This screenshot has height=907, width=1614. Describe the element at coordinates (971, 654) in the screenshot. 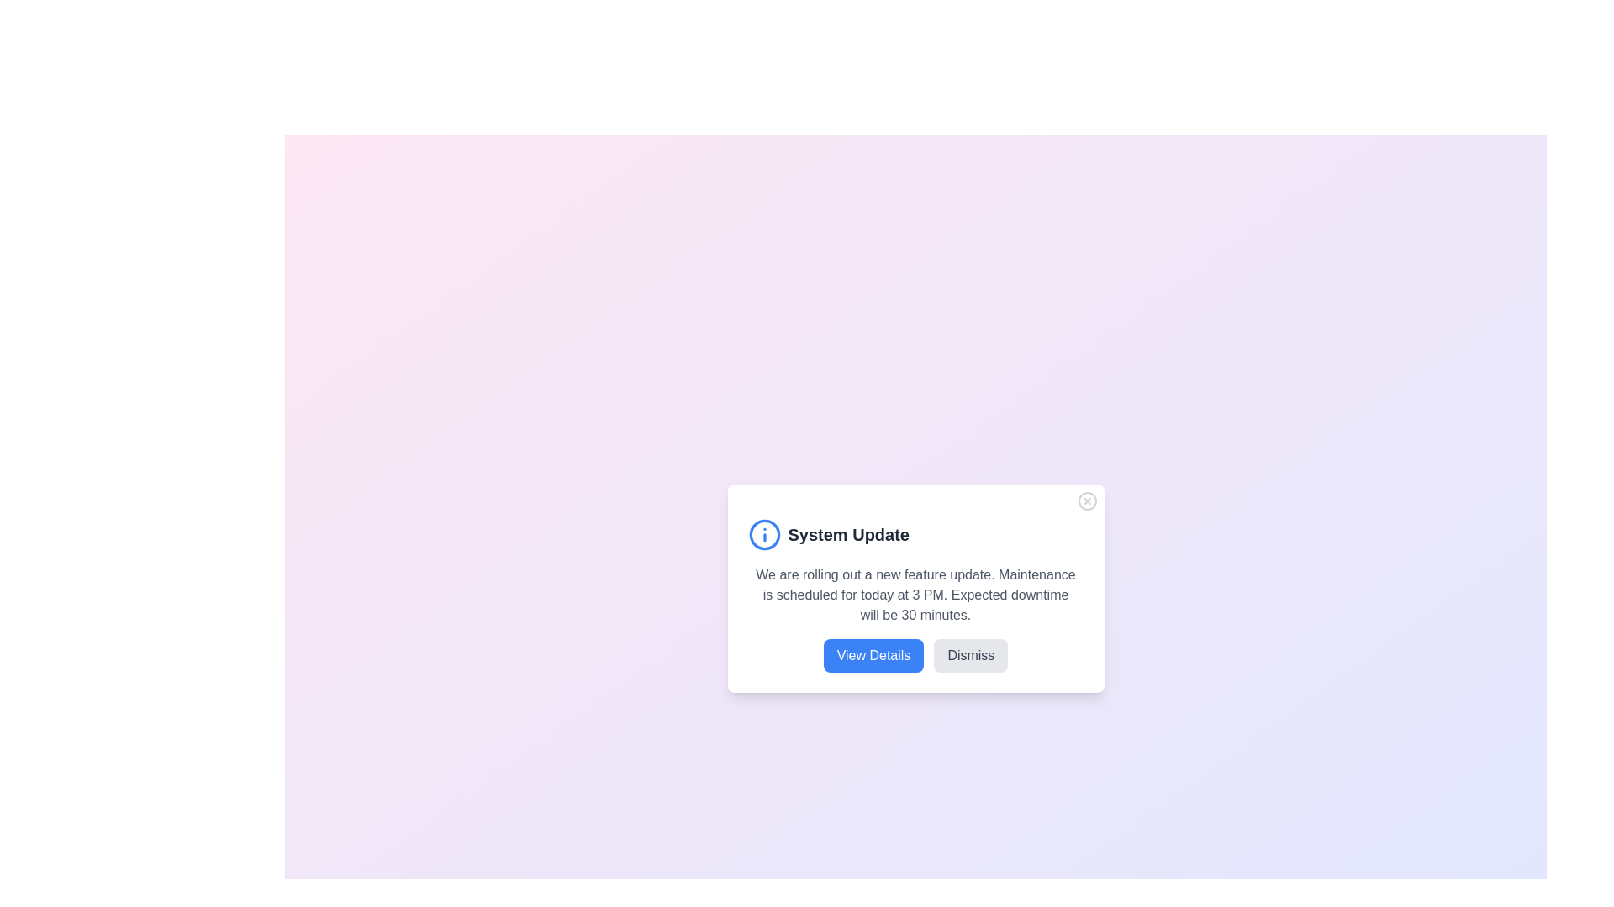

I see `the 'Dismiss' button located to the right of the 'View Details' button in the modal dialog box to change its background color` at that location.